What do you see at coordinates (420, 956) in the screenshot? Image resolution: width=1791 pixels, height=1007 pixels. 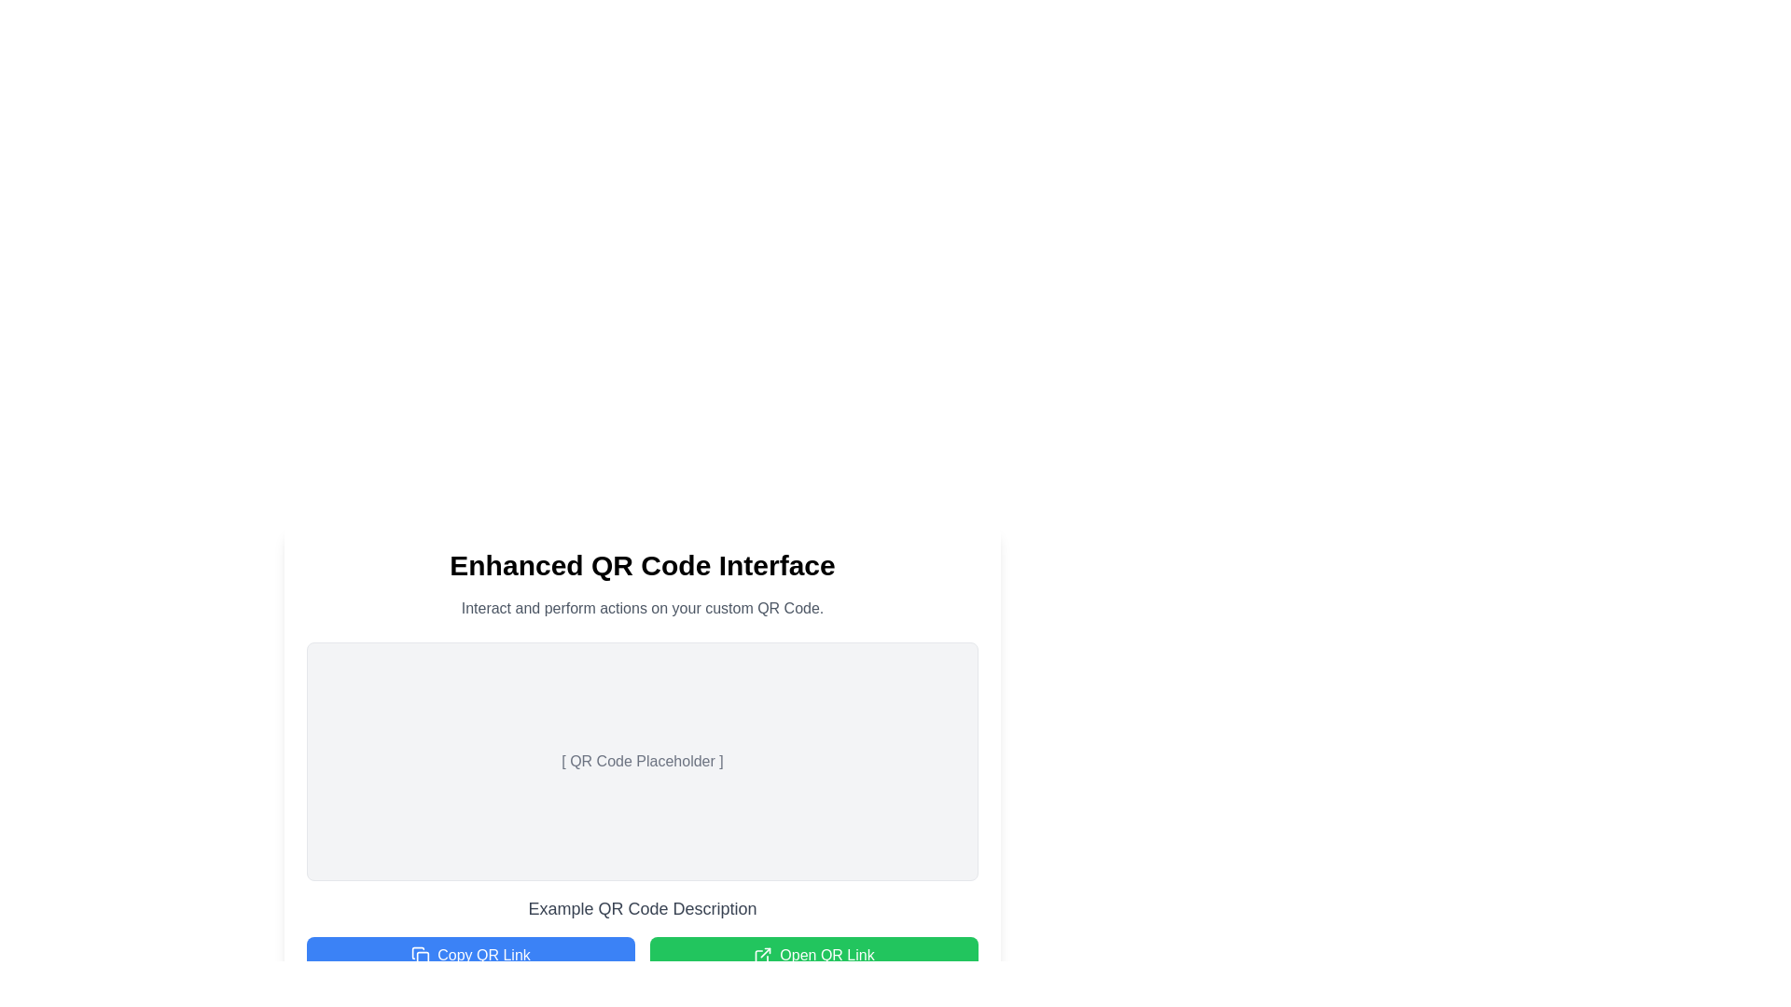 I see `the copy action icon located inside the blue button labeled 'Copy QR Link' at the bottom left of the interface` at bounding box center [420, 956].